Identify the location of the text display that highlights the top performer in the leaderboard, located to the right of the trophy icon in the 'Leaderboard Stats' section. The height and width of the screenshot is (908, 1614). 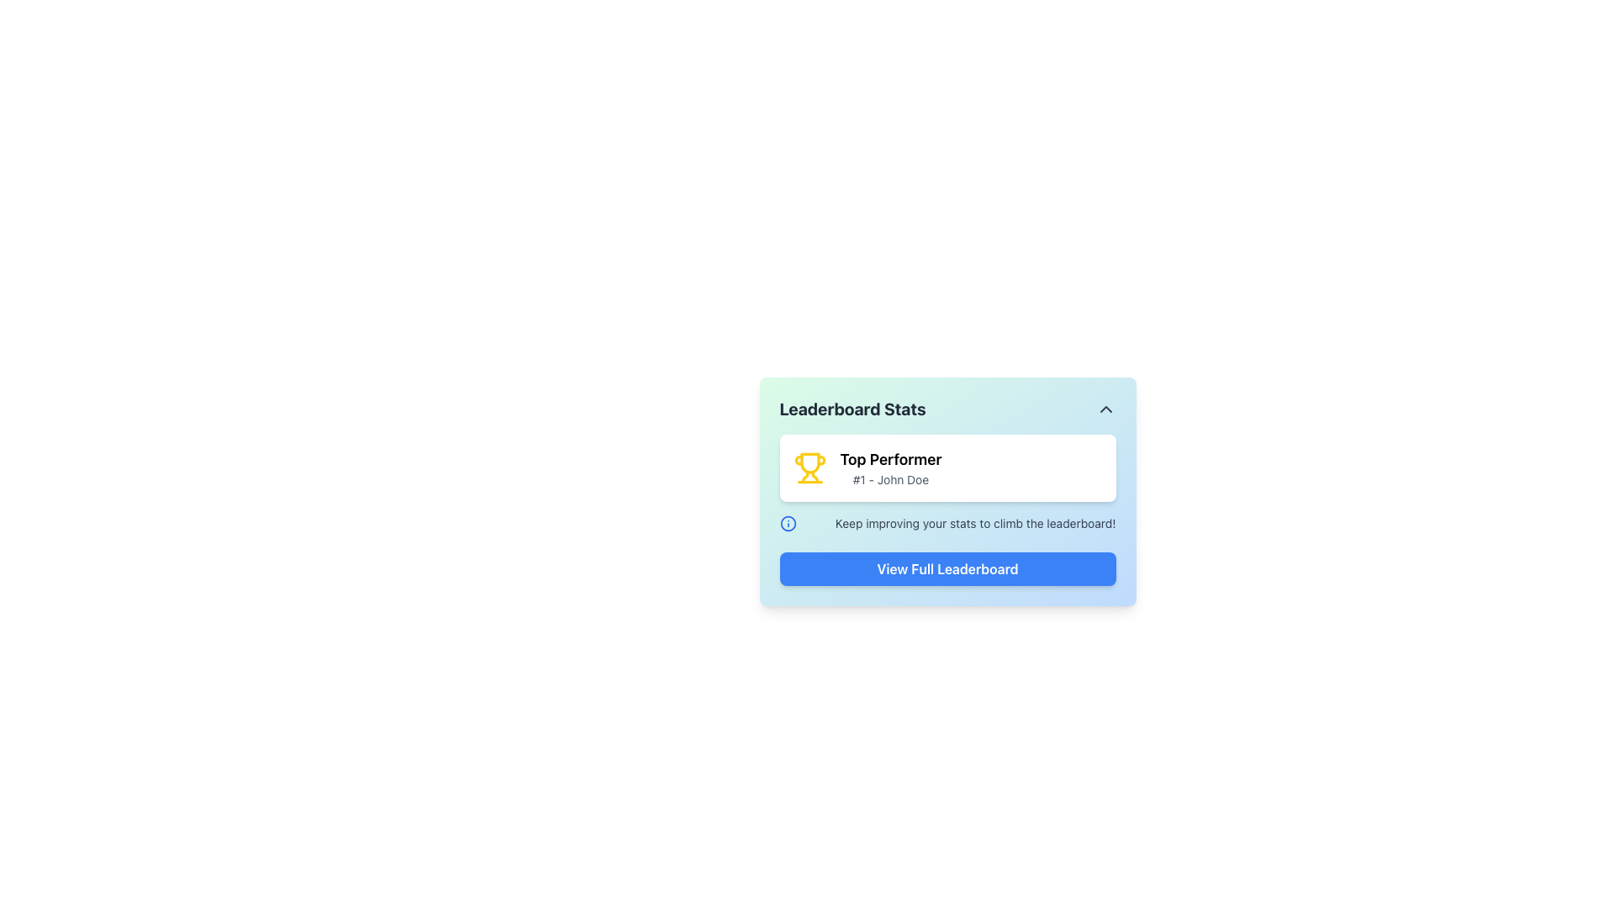
(890, 467).